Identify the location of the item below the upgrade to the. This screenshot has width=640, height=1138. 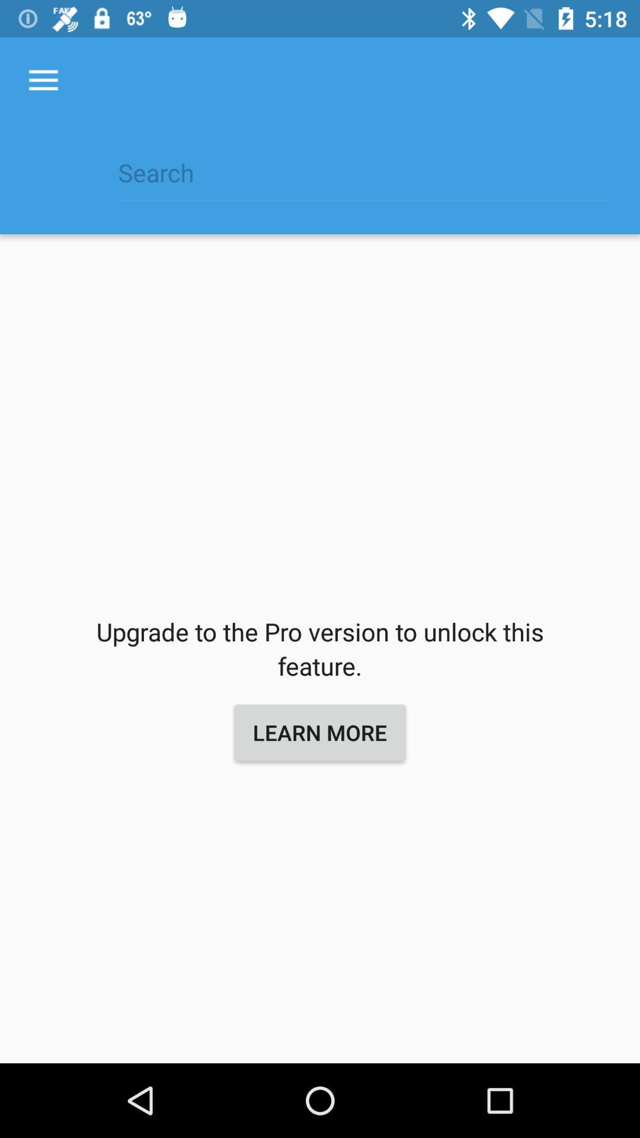
(320, 731).